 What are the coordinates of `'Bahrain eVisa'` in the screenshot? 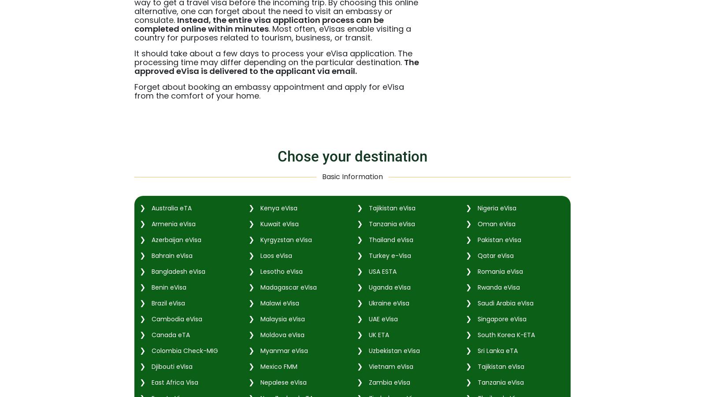 It's located at (171, 255).